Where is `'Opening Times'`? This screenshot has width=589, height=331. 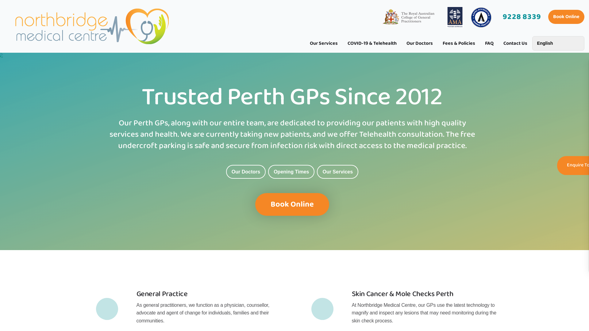 'Opening Times' is located at coordinates (291, 172).